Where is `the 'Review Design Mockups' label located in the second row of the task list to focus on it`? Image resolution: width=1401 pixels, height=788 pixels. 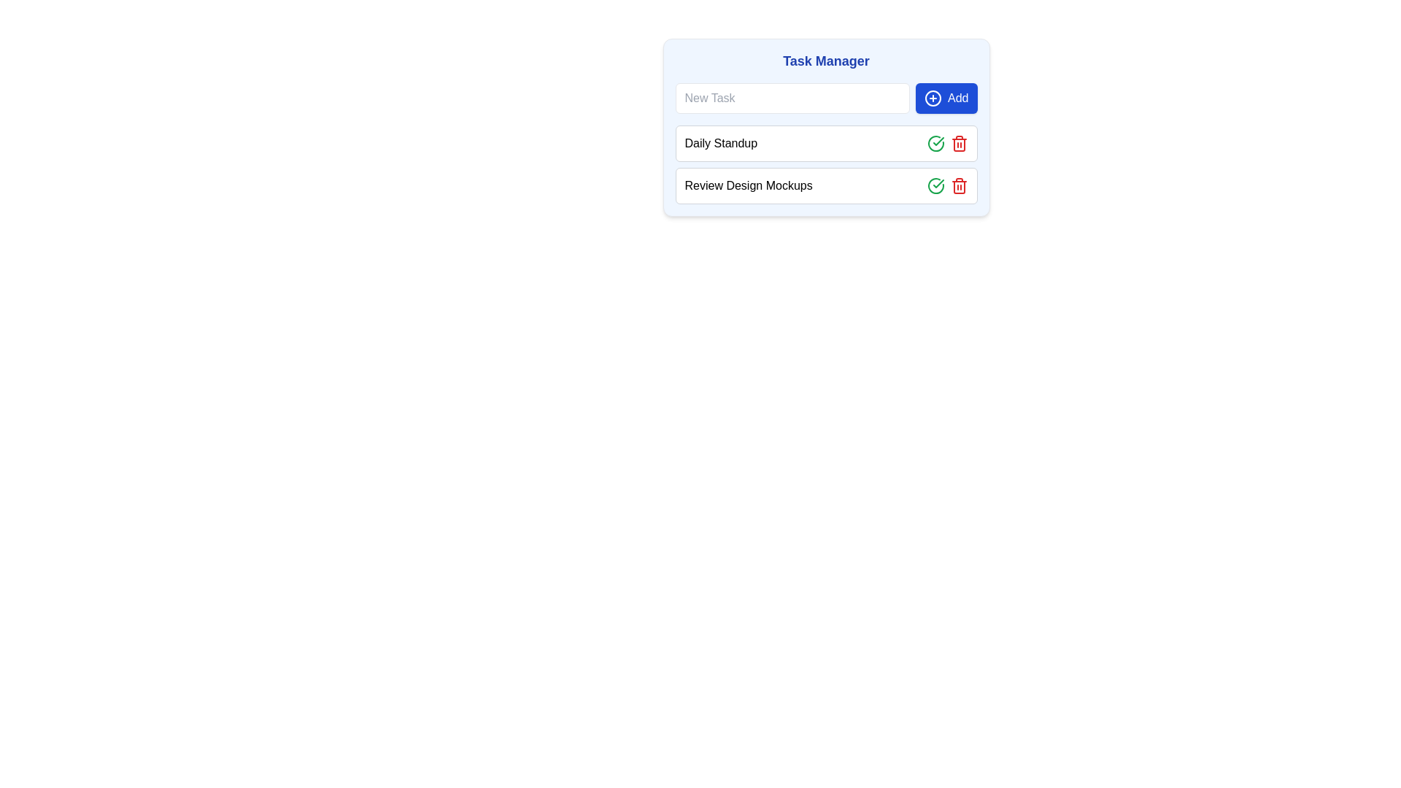
the 'Review Design Mockups' label located in the second row of the task list to focus on it is located at coordinates (749, 185).